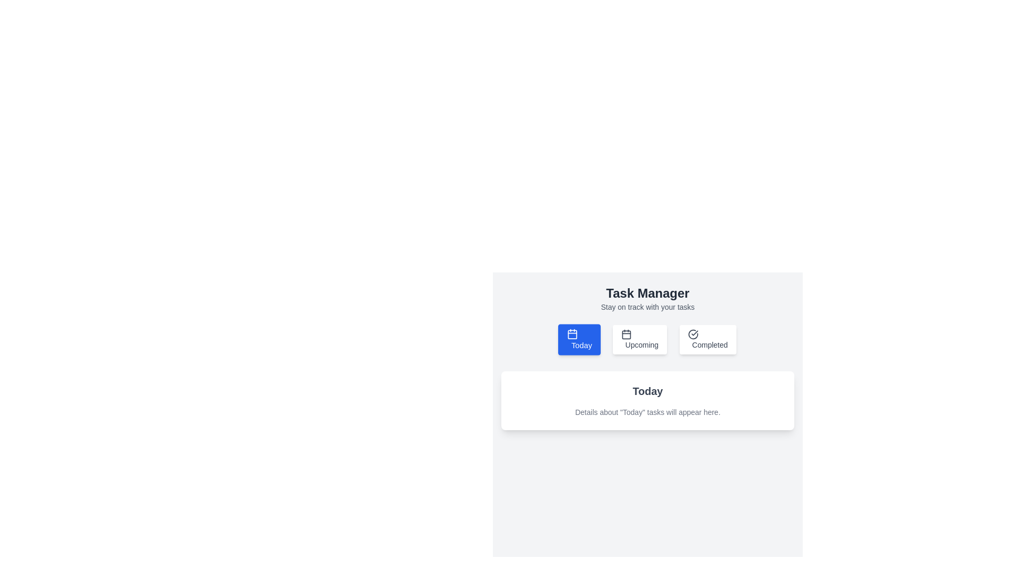 Image resolution: width=1010 pixels, height=568 pixels. What do you see at coordinates (579, 339) in the screenshot?
I see `the first button in the row` at bounding box center [579, 339].